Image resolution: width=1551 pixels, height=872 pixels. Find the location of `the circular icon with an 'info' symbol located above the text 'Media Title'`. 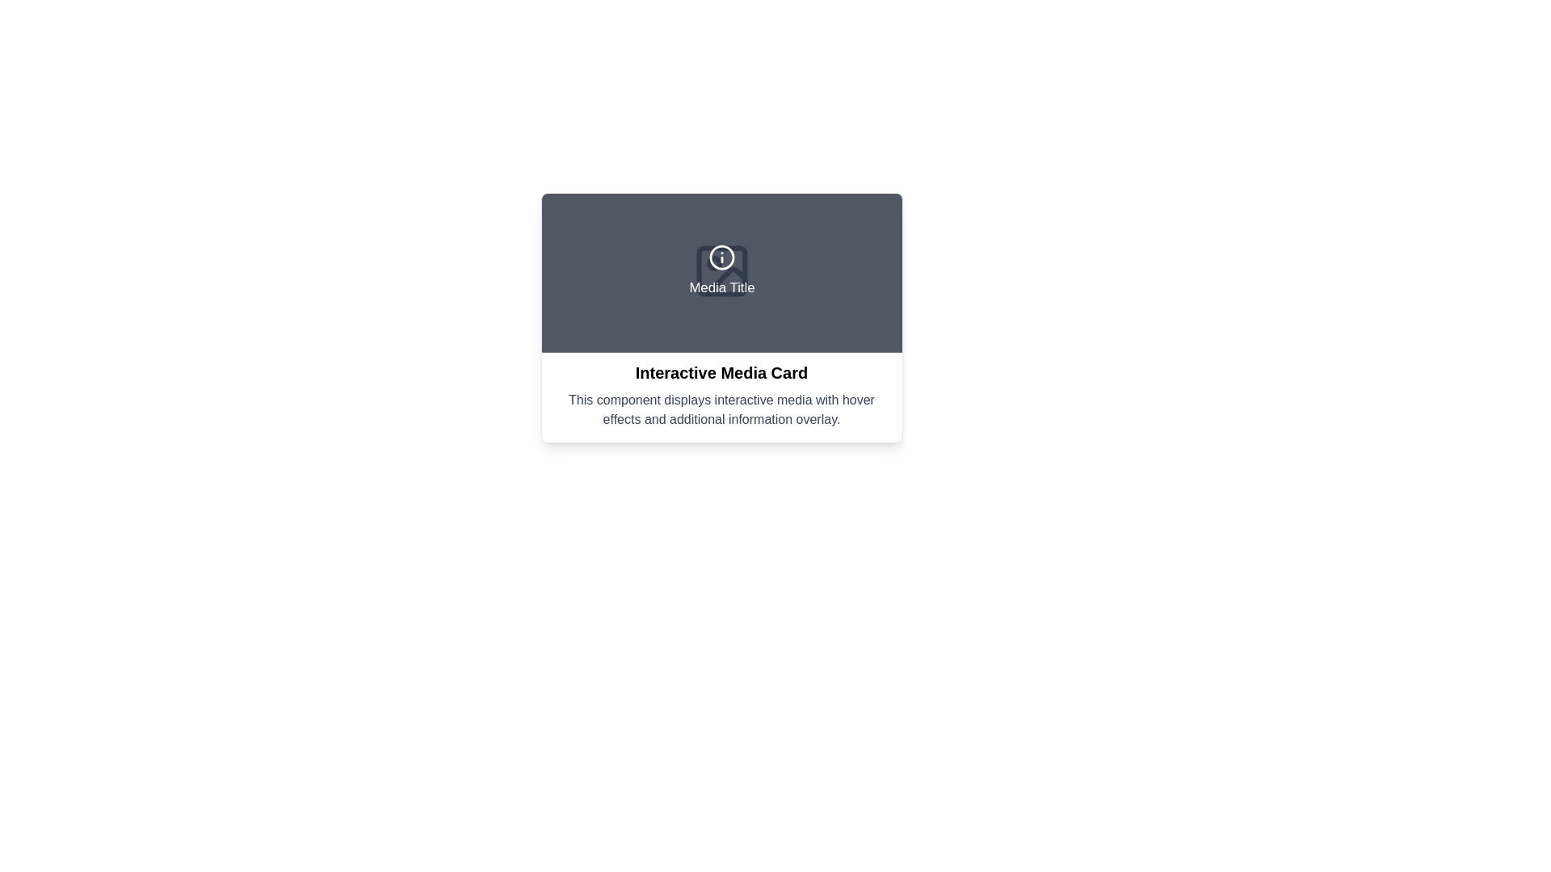

the circular icon with an 'info' symbol located above the text 'Media Title' is located at coordinates (721, 257).